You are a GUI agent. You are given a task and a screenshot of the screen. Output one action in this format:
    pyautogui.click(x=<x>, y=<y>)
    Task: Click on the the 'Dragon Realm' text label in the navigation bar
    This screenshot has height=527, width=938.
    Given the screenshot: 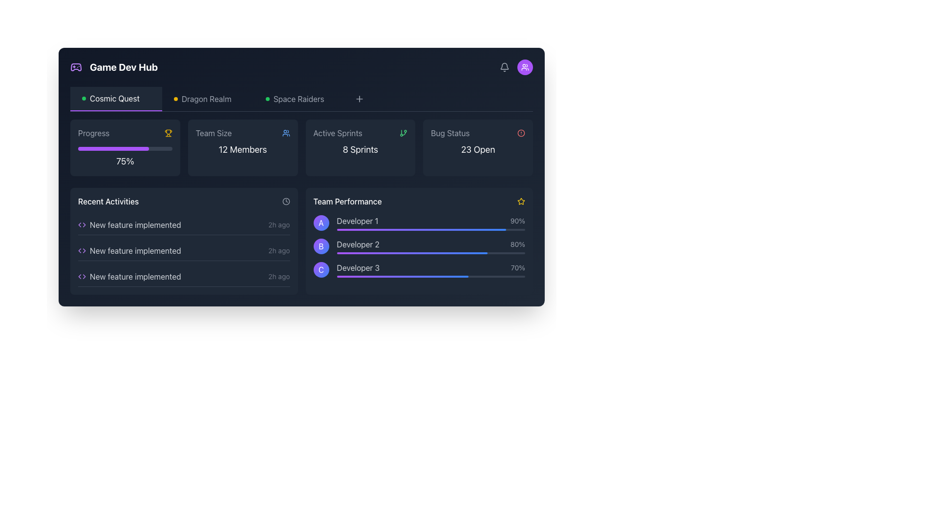 What is the action you would take?
    pyautogui.click(x=207, y=99)
    